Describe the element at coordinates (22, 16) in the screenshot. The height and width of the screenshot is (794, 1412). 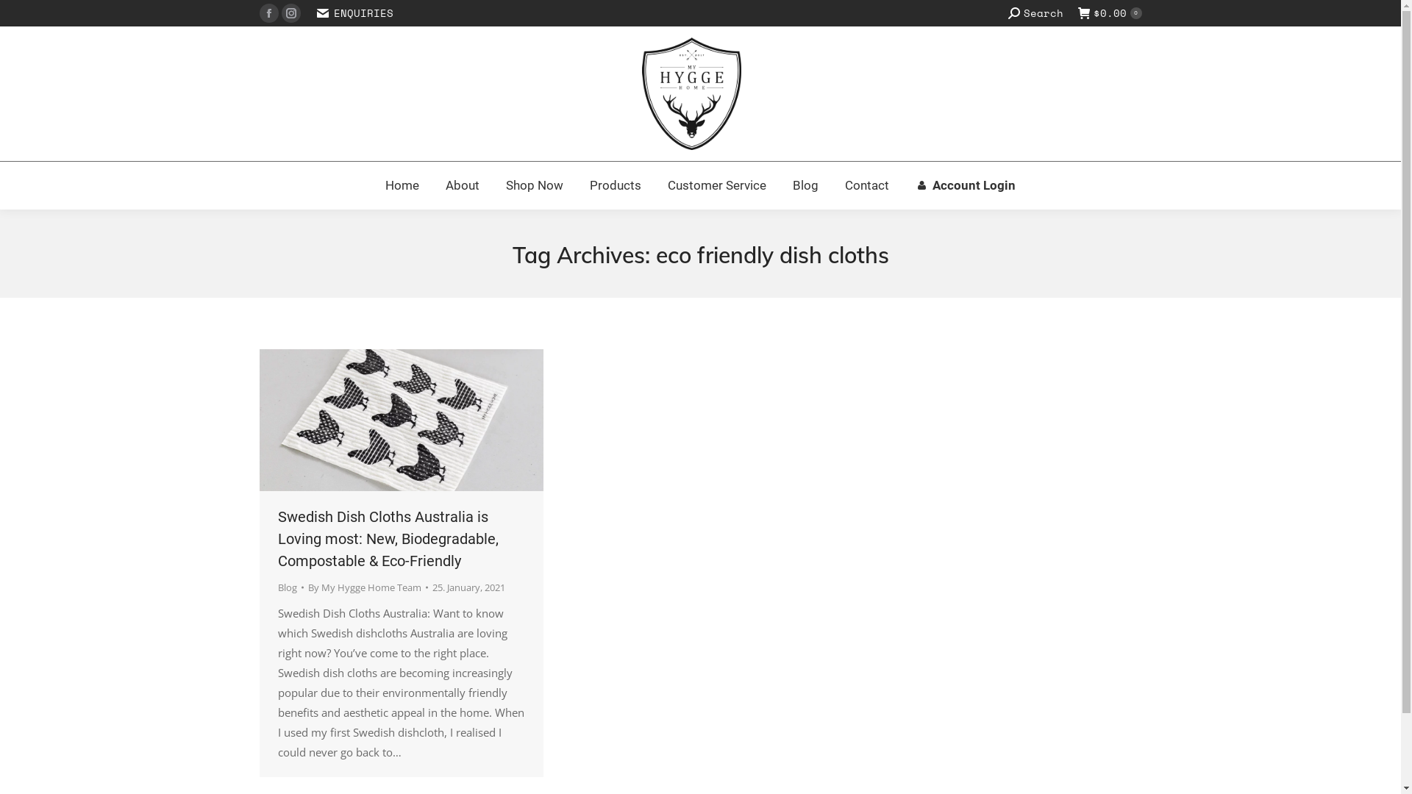
I see `'Go!'` at that location.